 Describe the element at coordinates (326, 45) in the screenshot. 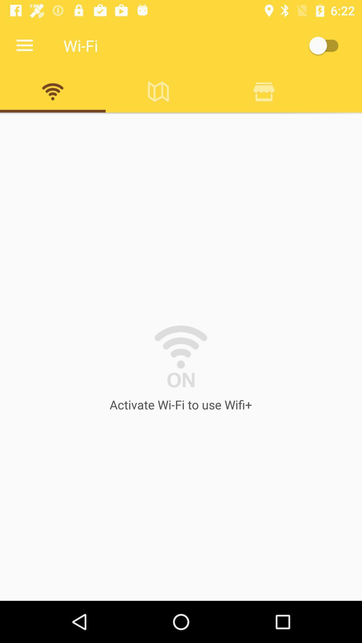

I see `switch wifi` at that location.